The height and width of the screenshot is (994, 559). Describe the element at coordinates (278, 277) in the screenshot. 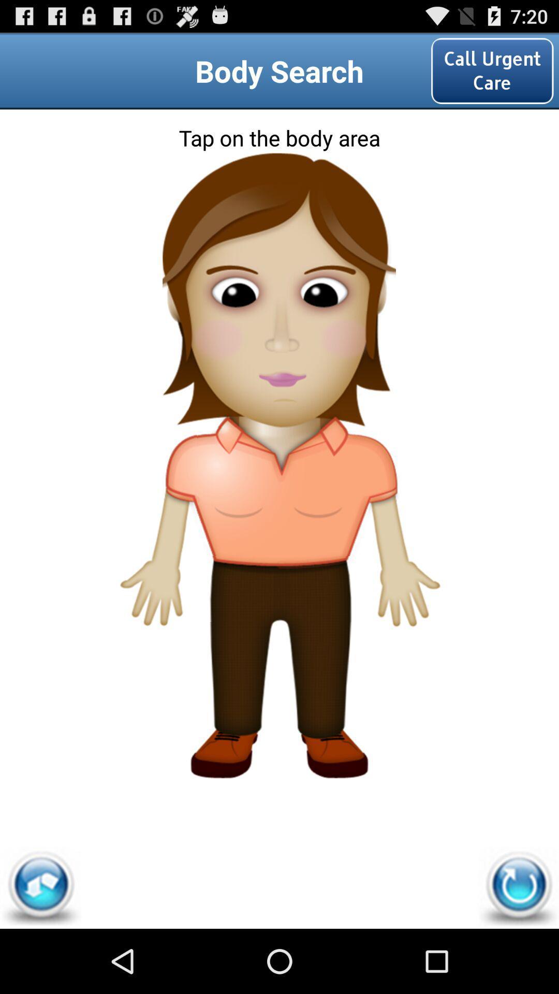

I see `eyes` at that location.